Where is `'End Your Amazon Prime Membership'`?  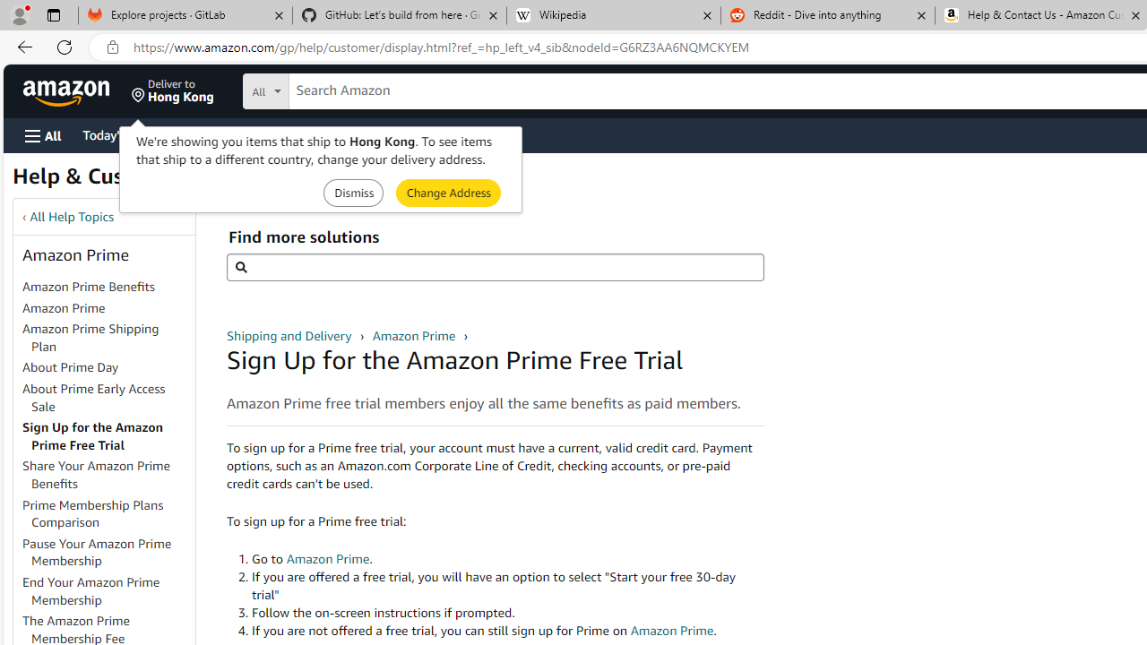
'End Your Amazon Prime Membership' is located at coordinates (91, 590).